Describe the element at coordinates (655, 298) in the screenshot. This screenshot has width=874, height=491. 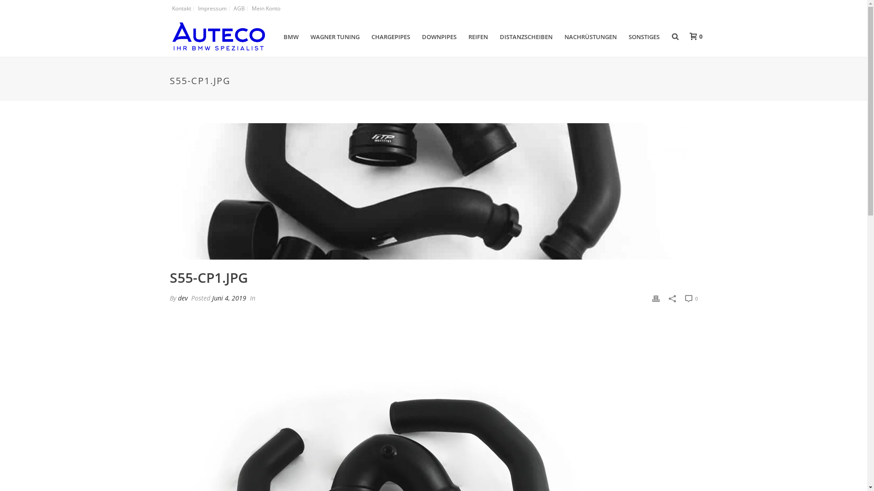
I see `'Print'` at that location.